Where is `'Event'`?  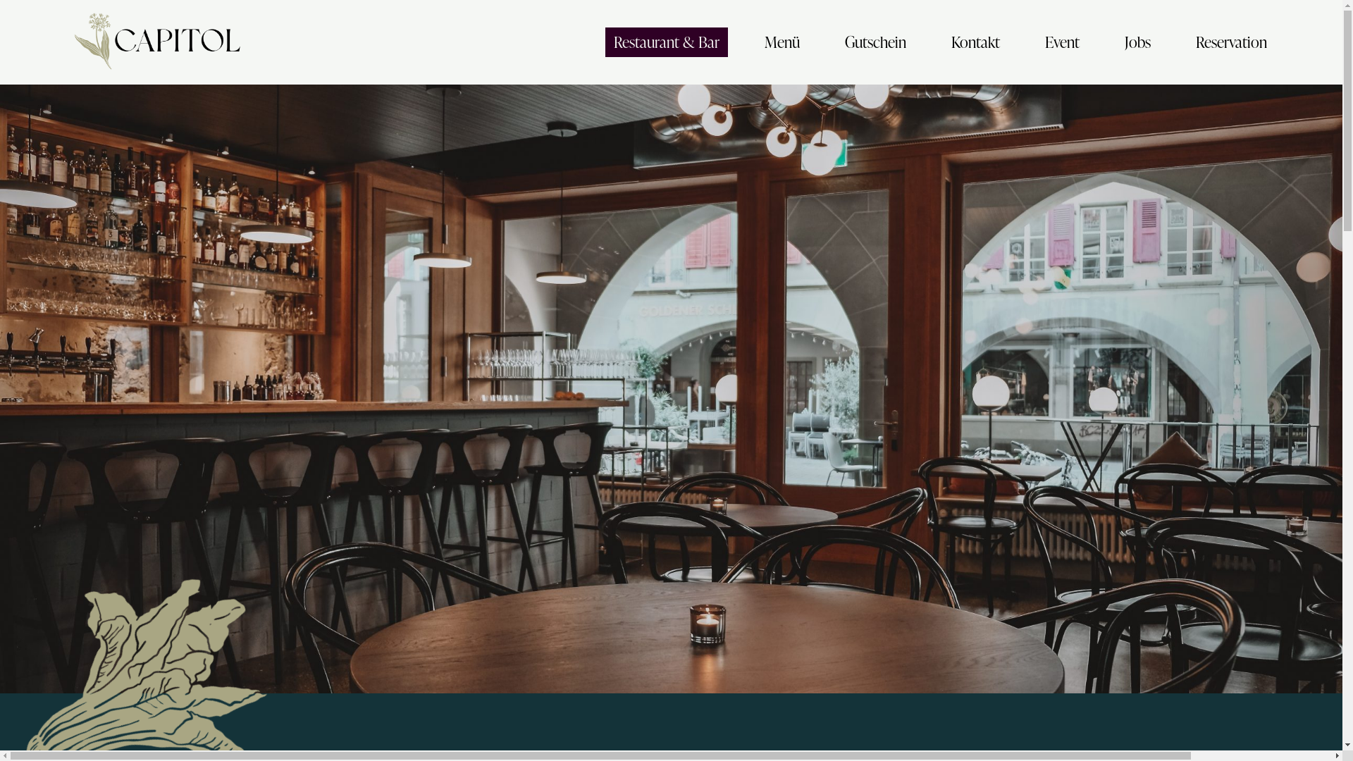 'Event' is located at coordinates (1062, 42).